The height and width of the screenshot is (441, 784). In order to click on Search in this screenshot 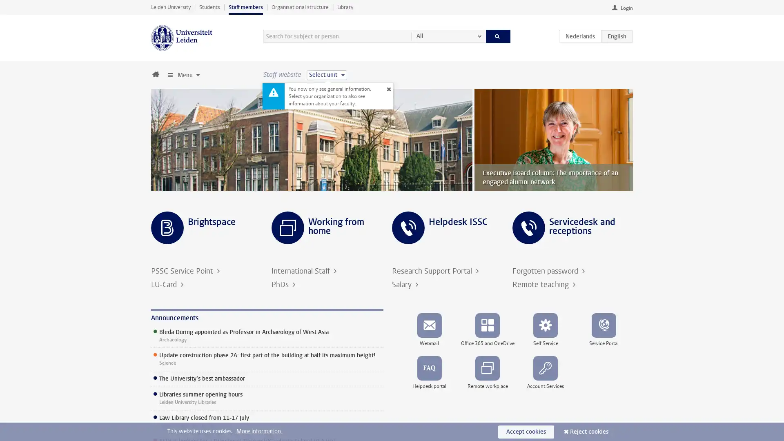, I will do `click(497, 36)`.